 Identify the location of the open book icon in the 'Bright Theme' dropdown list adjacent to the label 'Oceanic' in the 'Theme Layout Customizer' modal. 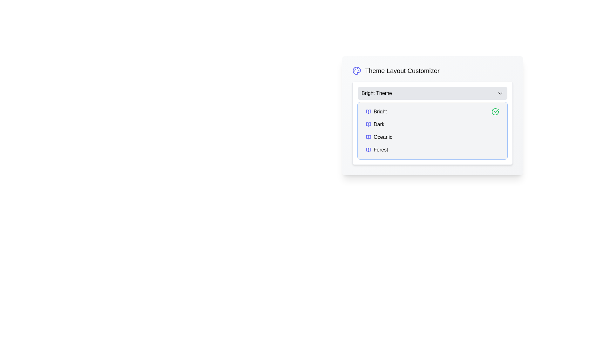
(369, 137).